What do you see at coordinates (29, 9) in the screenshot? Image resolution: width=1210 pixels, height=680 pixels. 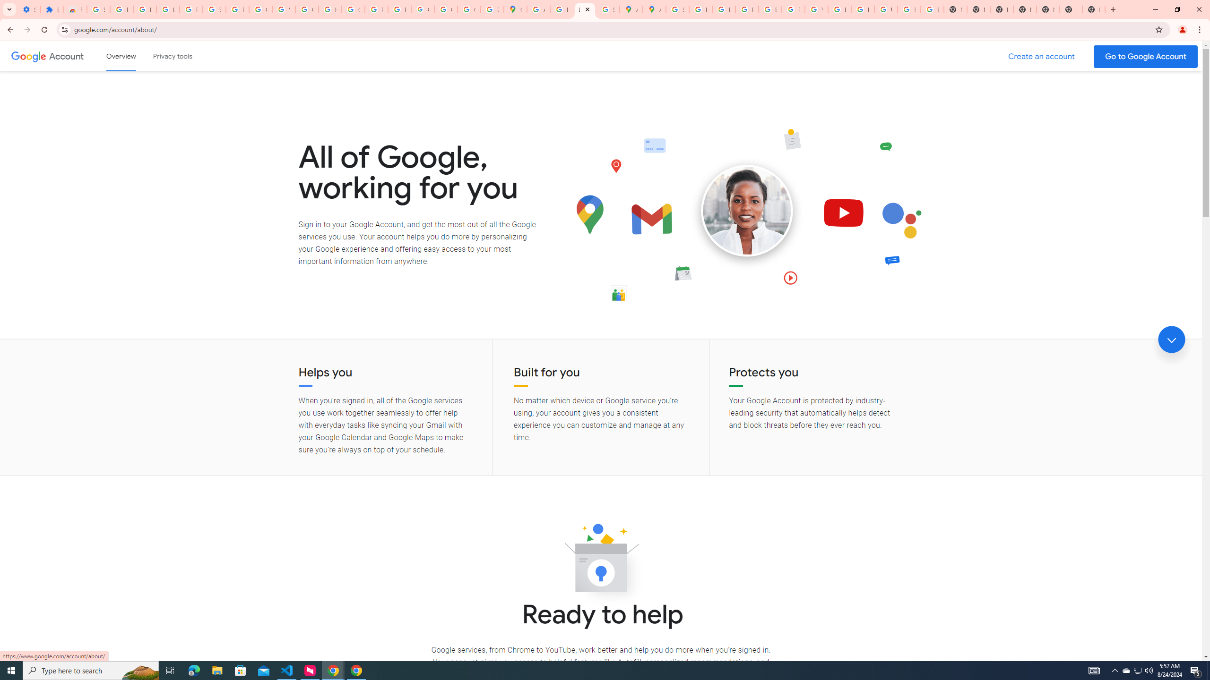 I see `'Settings - On startup'` at bounding box center [29, 9].